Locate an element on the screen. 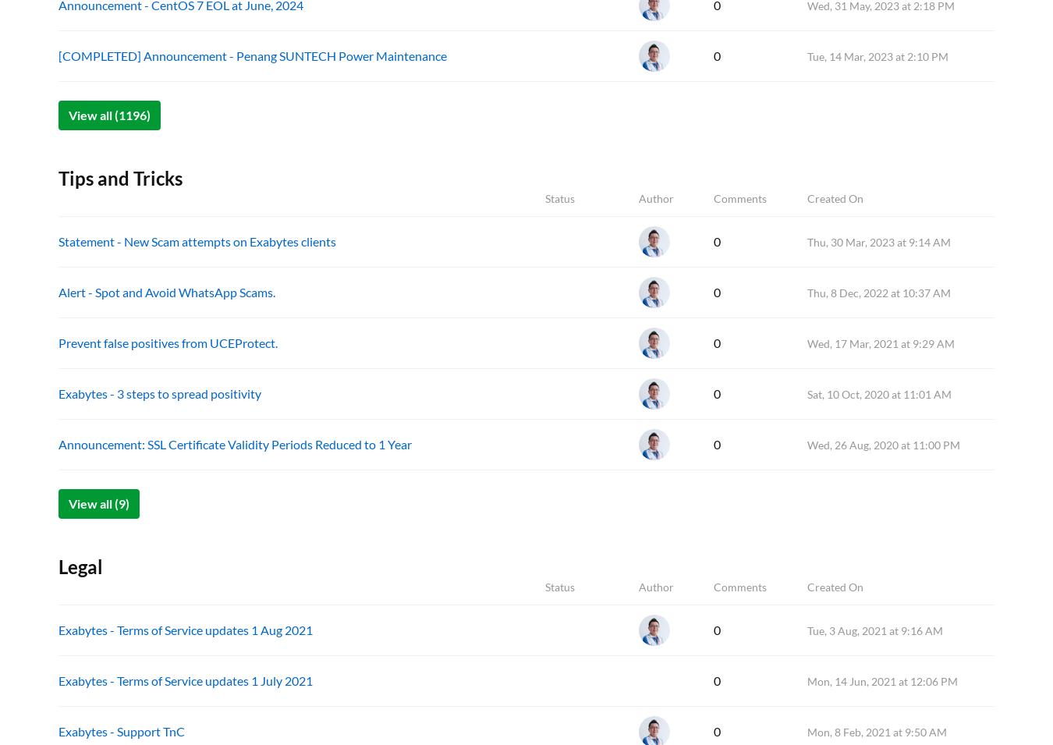 The width and height of the screenshot is (1053, 745). 'Thu, 30 Mar, 2023 at  9:14 AM' is located at coordinates (807, 242).